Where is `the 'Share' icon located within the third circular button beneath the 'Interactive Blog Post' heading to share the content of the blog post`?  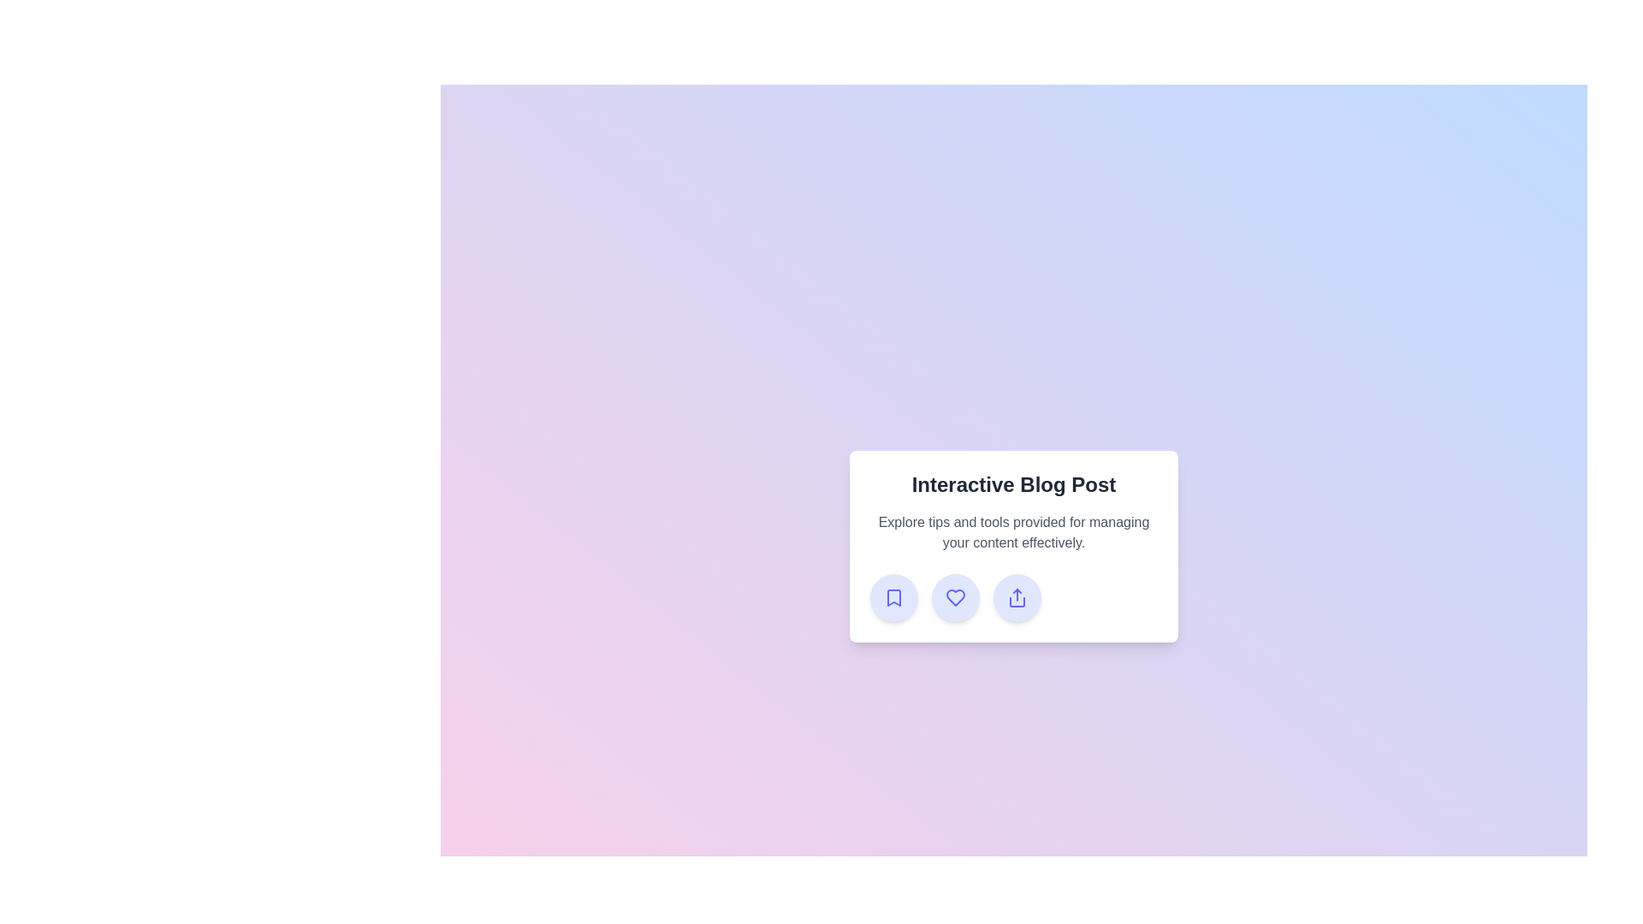
the 'Share' icon located within the third circular button beneath the 'Interactive Blog Post' heading to share the content of the blog post is located at coordinates (1017, 596).